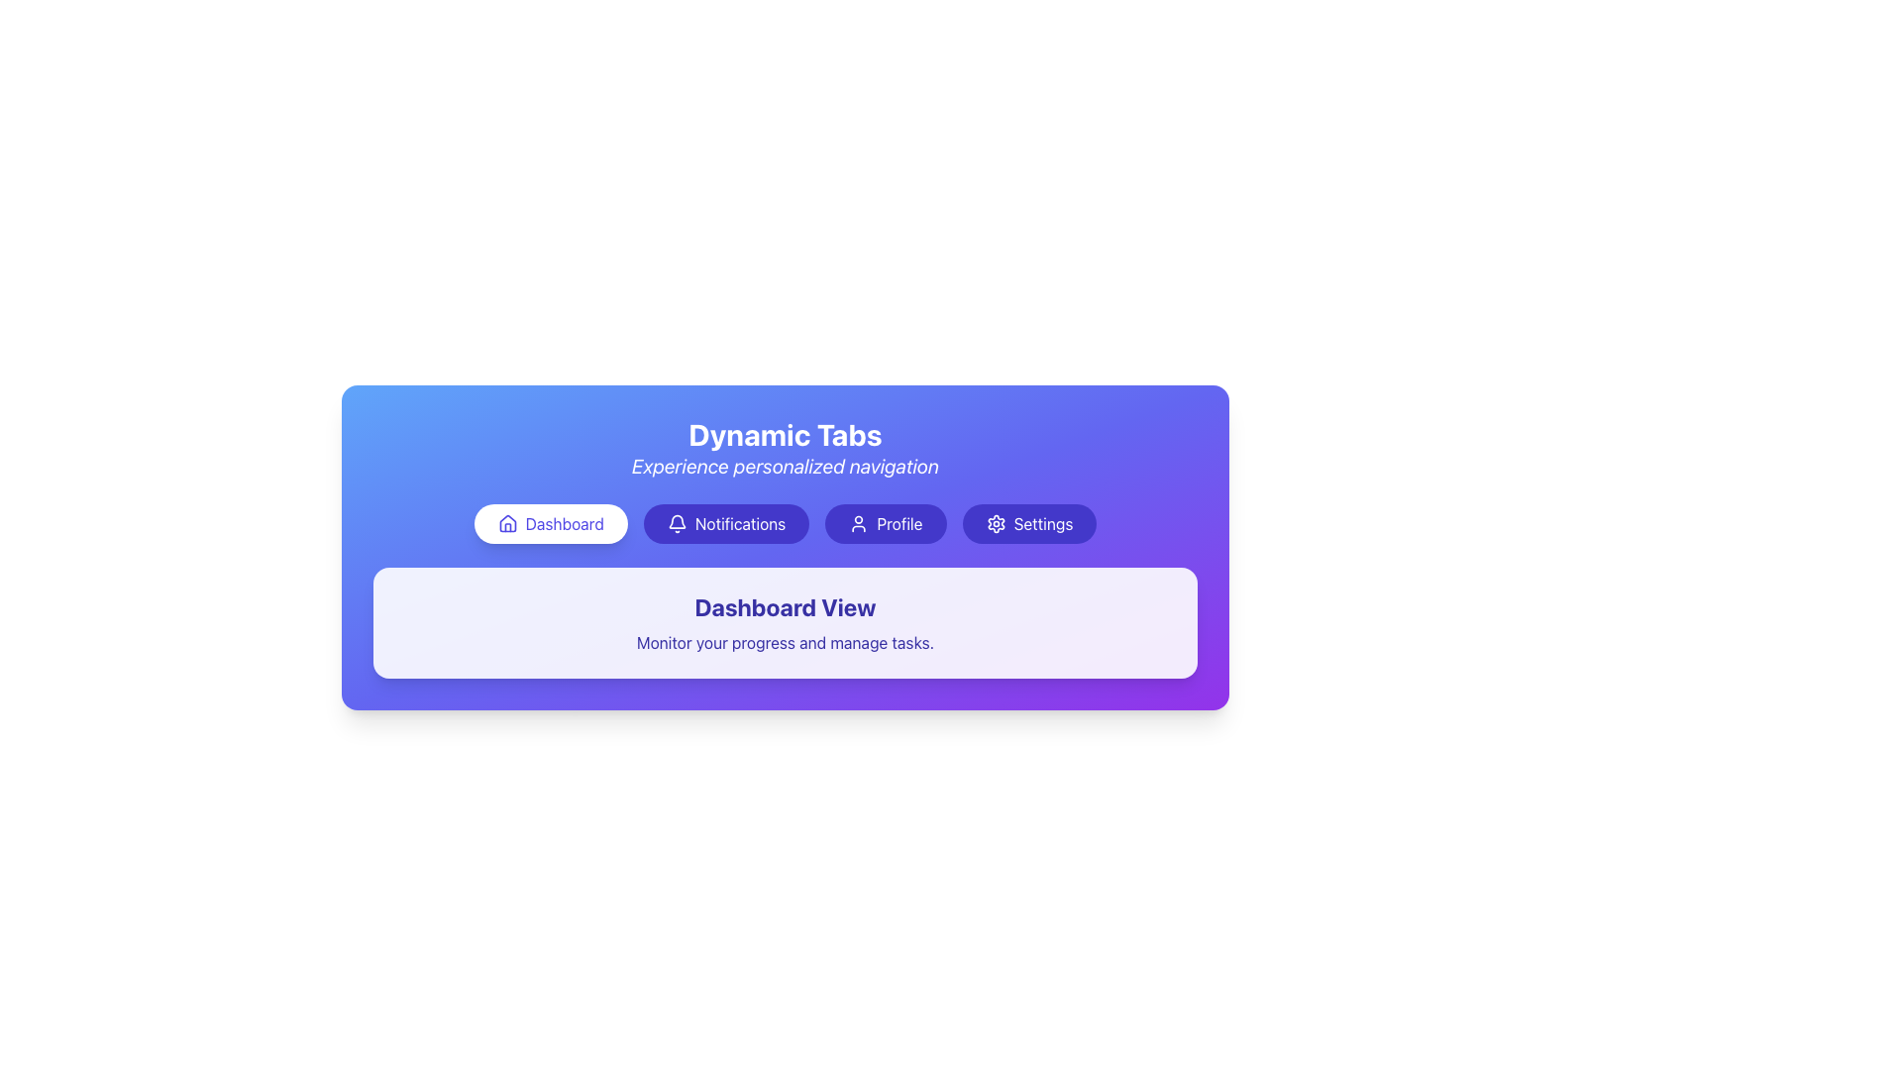 The height and width of the screenshot is (1070, 1902). I want to click on the text label that reads 'Monitor your progress and manage tasks.' styled in a standard font on a light purple background, located beneath the 'Dashboard View' heading, so click(784, 642).